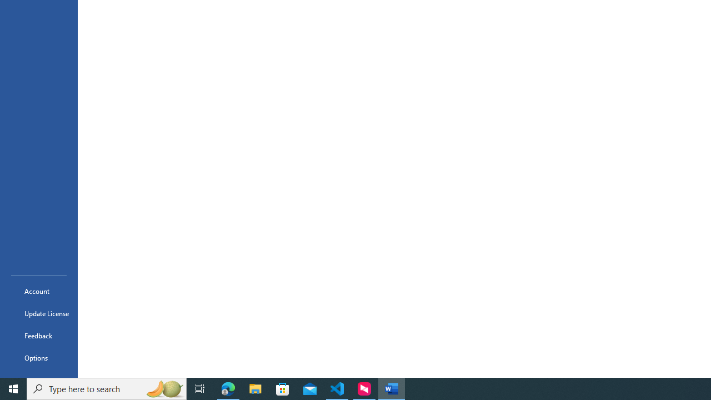 Image resolution: width=711 pixels, height=400 pixels. What do you see at coordinates (38, 358) in the screenshot?
I see `'Options'` at bounding box center [38, 358].